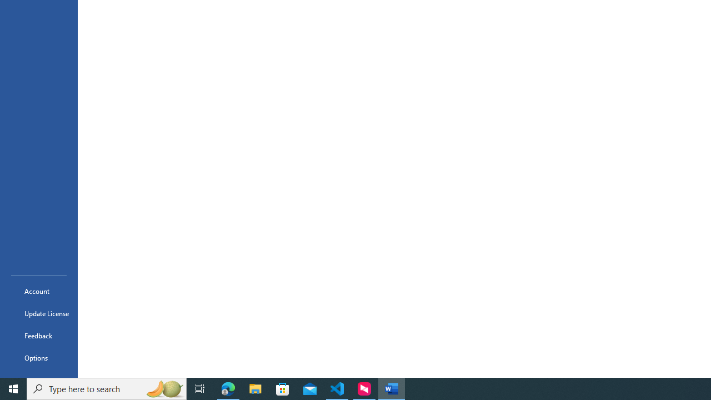 Image resolution: width=711 pixels, height=400 pixels. What do you see at coordinates (38, 358) in the screenshot?
I see `'Options'` at bounding box center [38, 358].